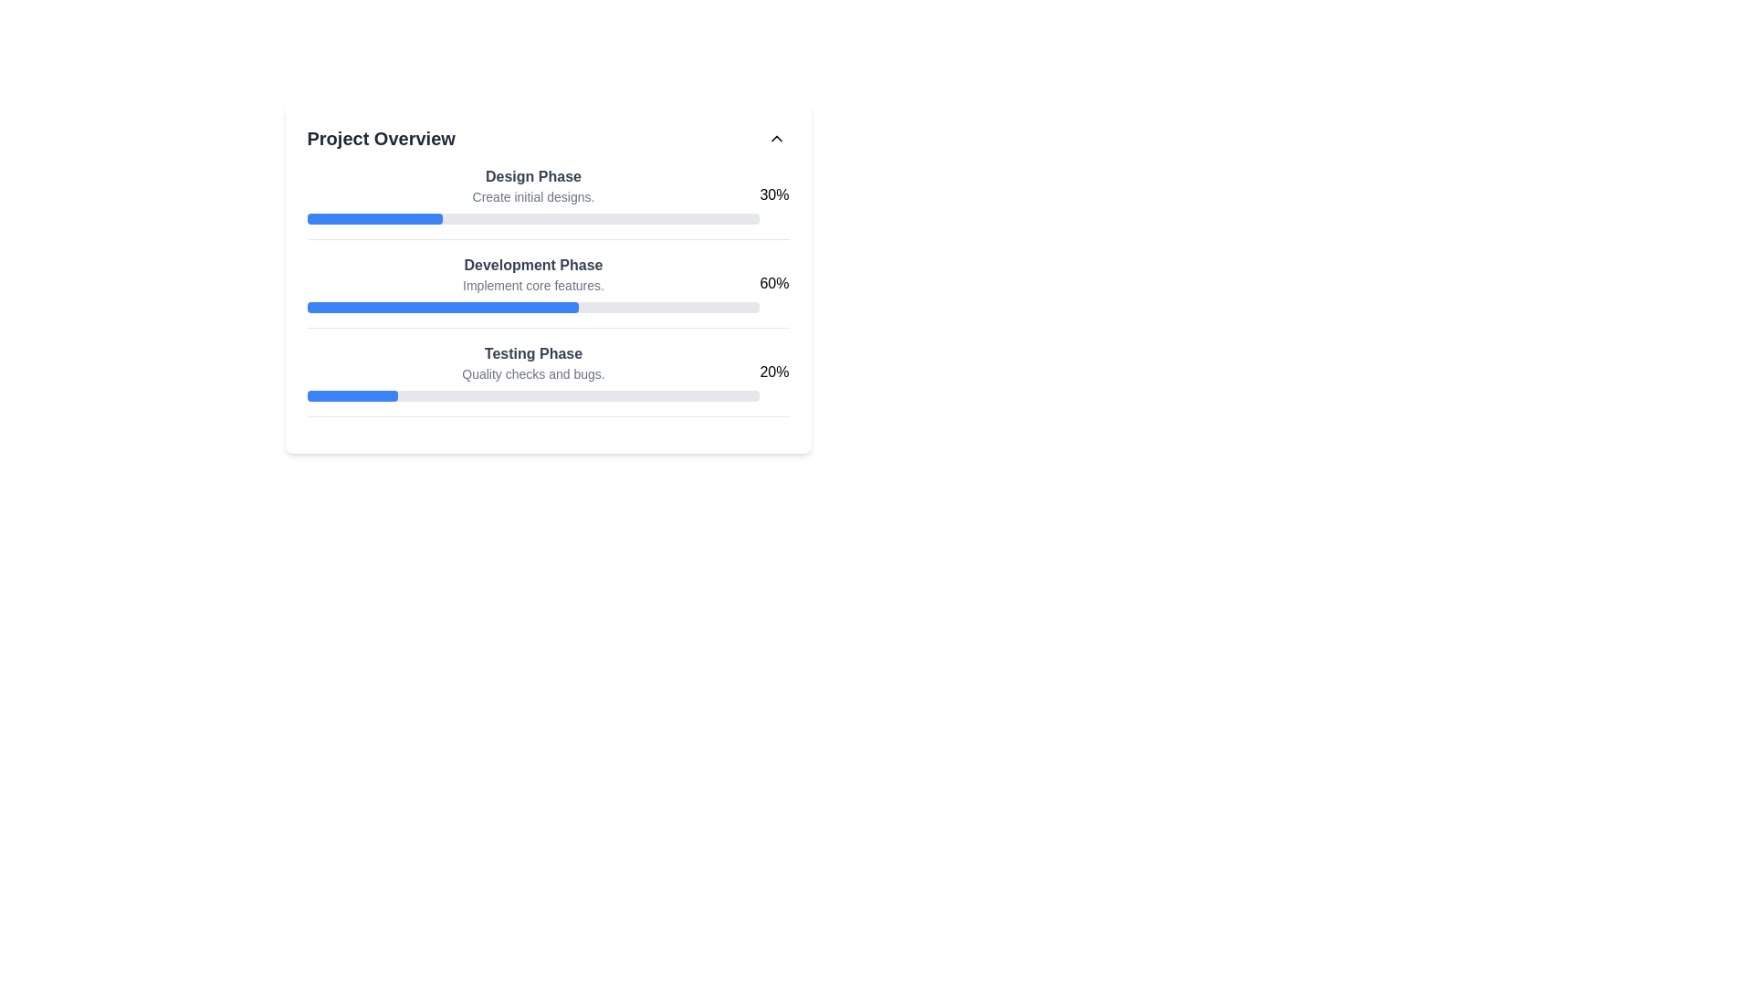  Describe the element at coordinates (776, 137) in the screenshot. I see `the second button or icon in the 'Project Overview' section` at that location.